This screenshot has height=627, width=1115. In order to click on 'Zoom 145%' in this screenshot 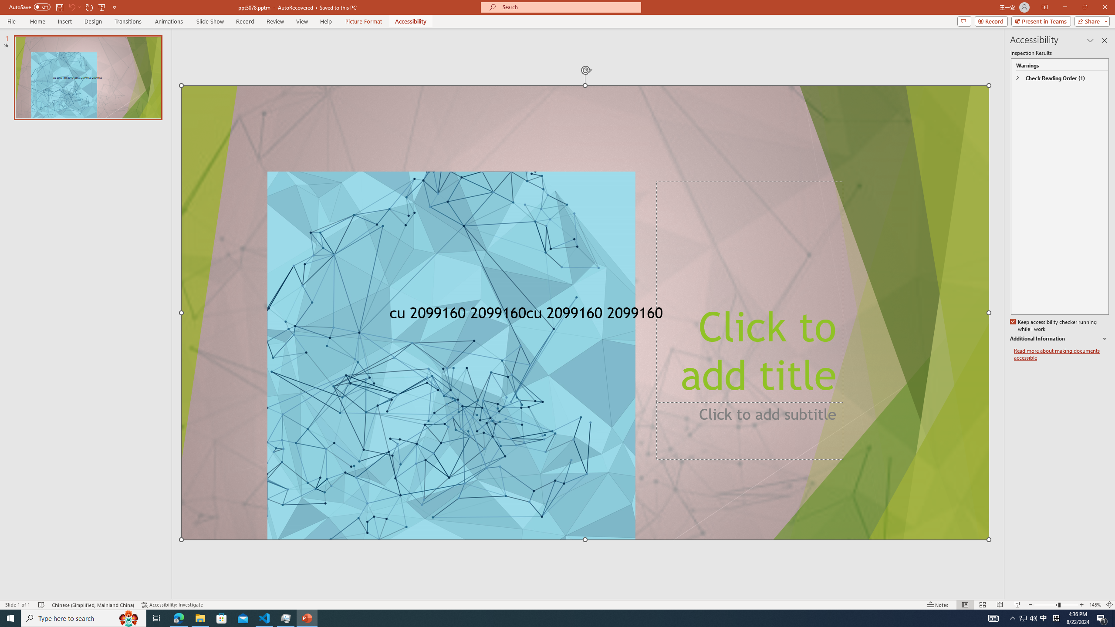, I will do `click(1095, 605)`.